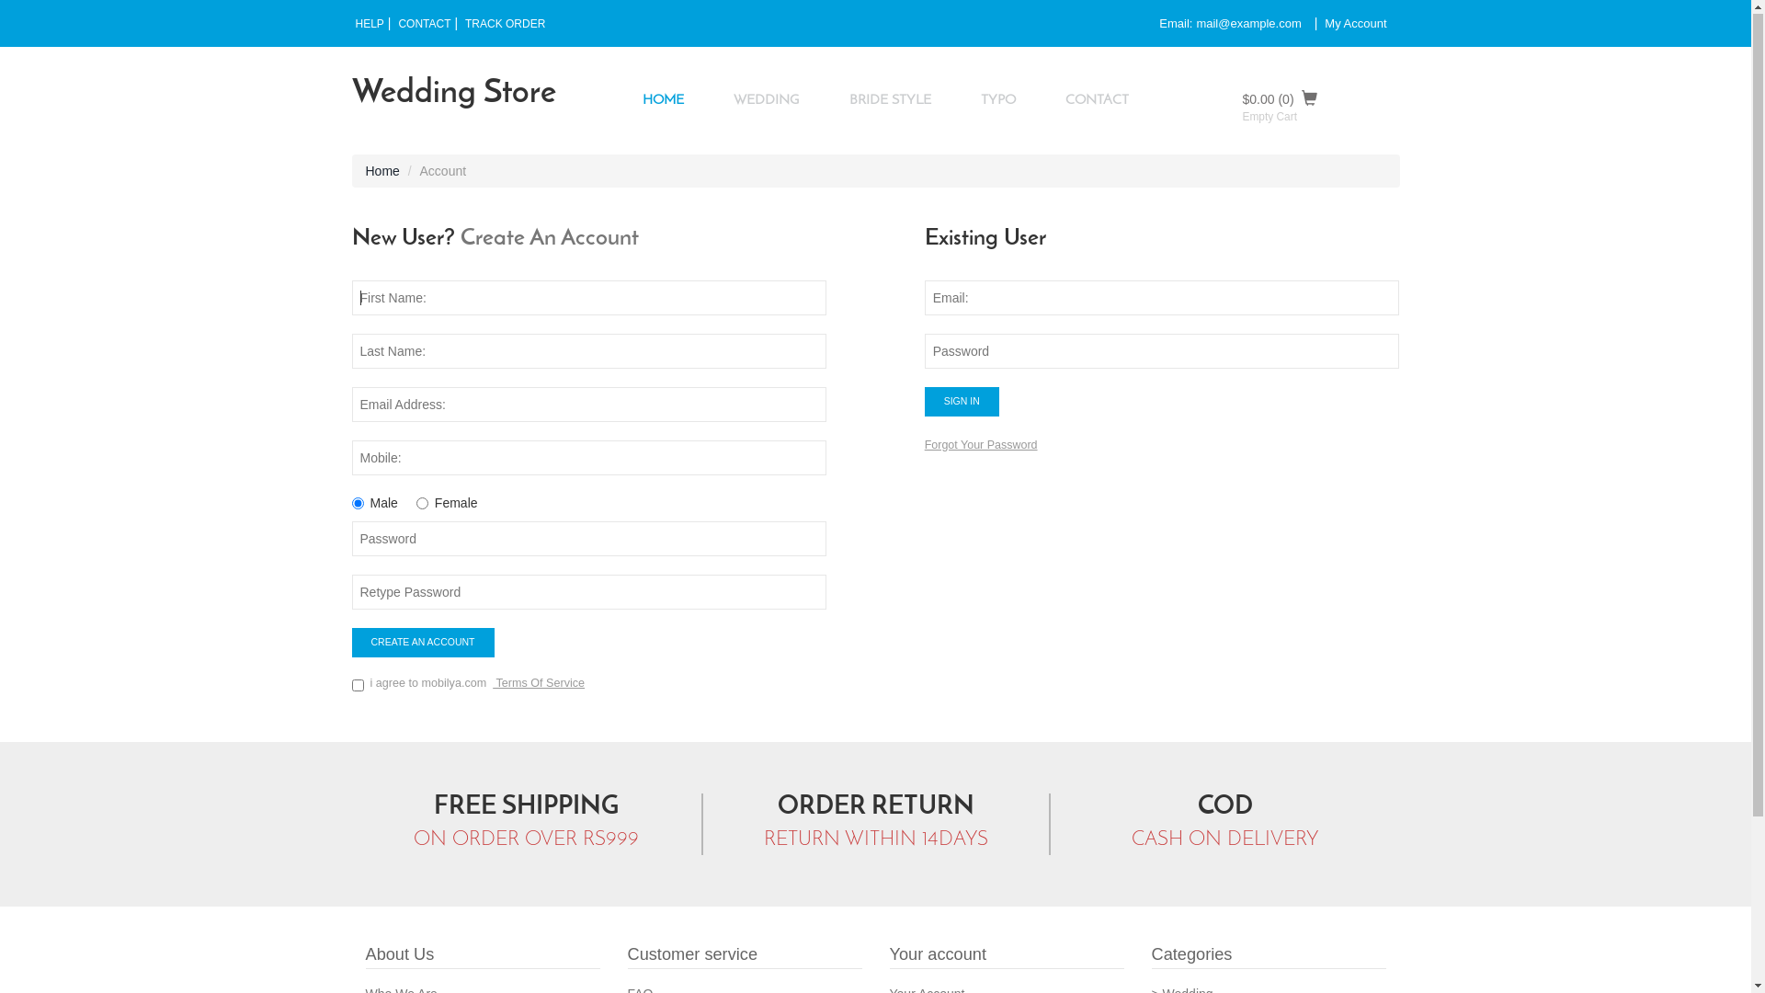 This screenshot has width=1765, height=993. What do you see at coordinates (956, 101) in the screenshot?
I see `'TYPO'` at bounding box center [956, 101].